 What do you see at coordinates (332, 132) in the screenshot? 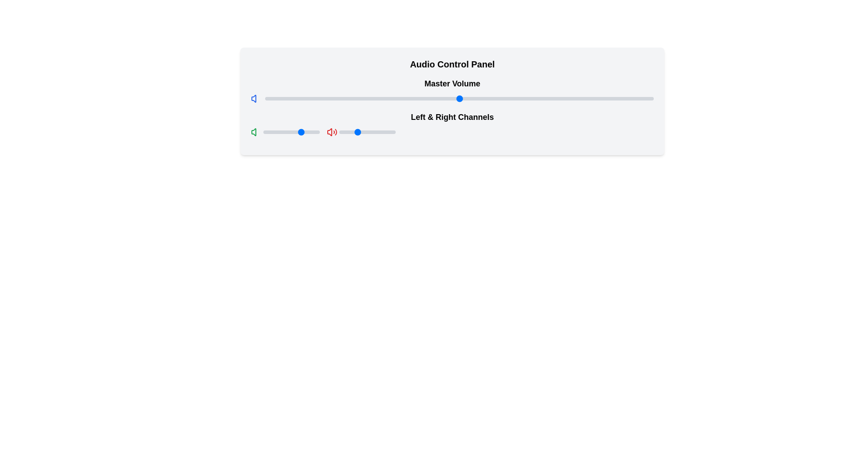
I see `the sound output icon located below the 'Left & Right Channels' label, which is the second item` at bounding box center [332, 132].